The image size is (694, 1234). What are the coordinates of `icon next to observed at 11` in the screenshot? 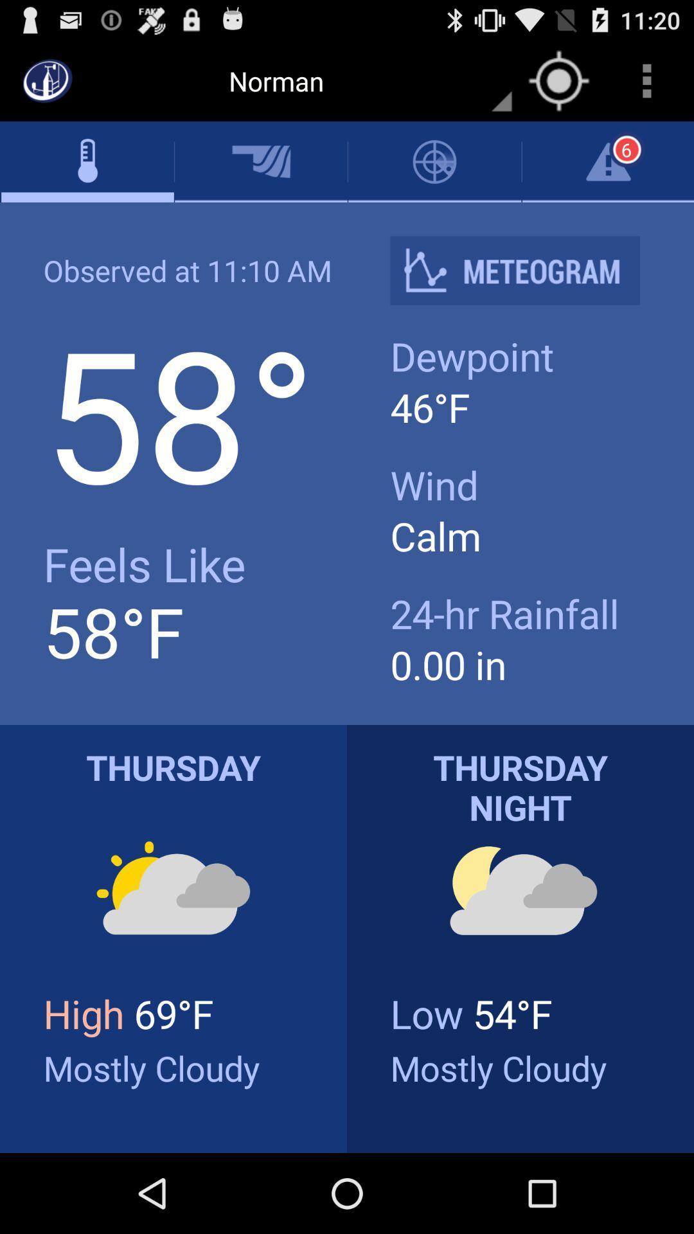 It's located at (525, 270).